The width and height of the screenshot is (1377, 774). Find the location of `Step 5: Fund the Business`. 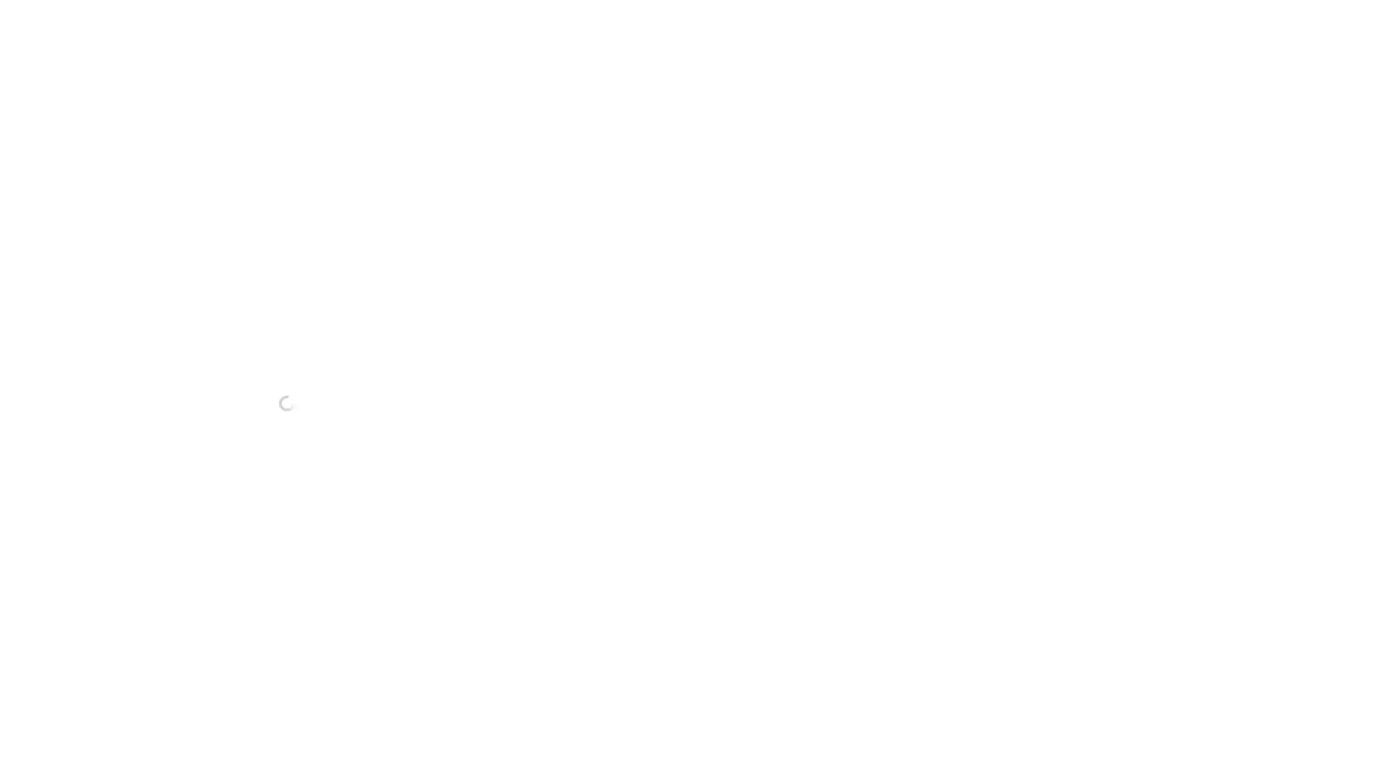

Step 5: Fund the Business is located at coordinates (688, 329).